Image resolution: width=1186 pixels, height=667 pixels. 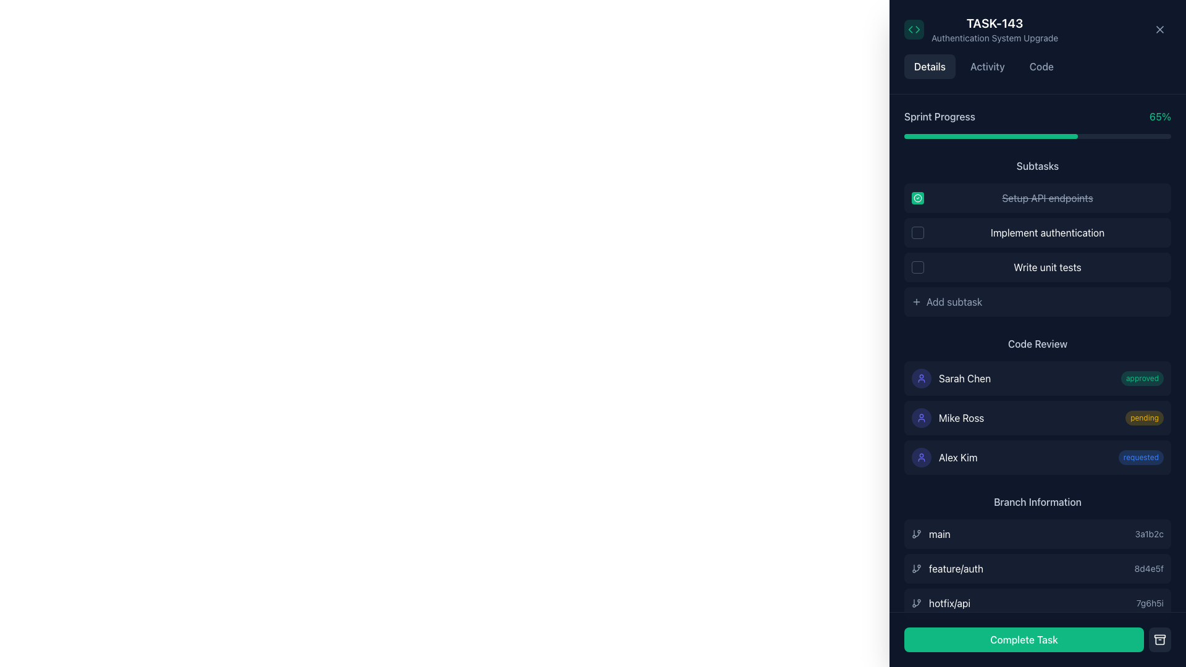 What do you see at coordinates (947, 417) in the screenshot?
I see `the list item representing user 'Mike Ross' in the 'Code Review' section` at bounding box center [947, 417].